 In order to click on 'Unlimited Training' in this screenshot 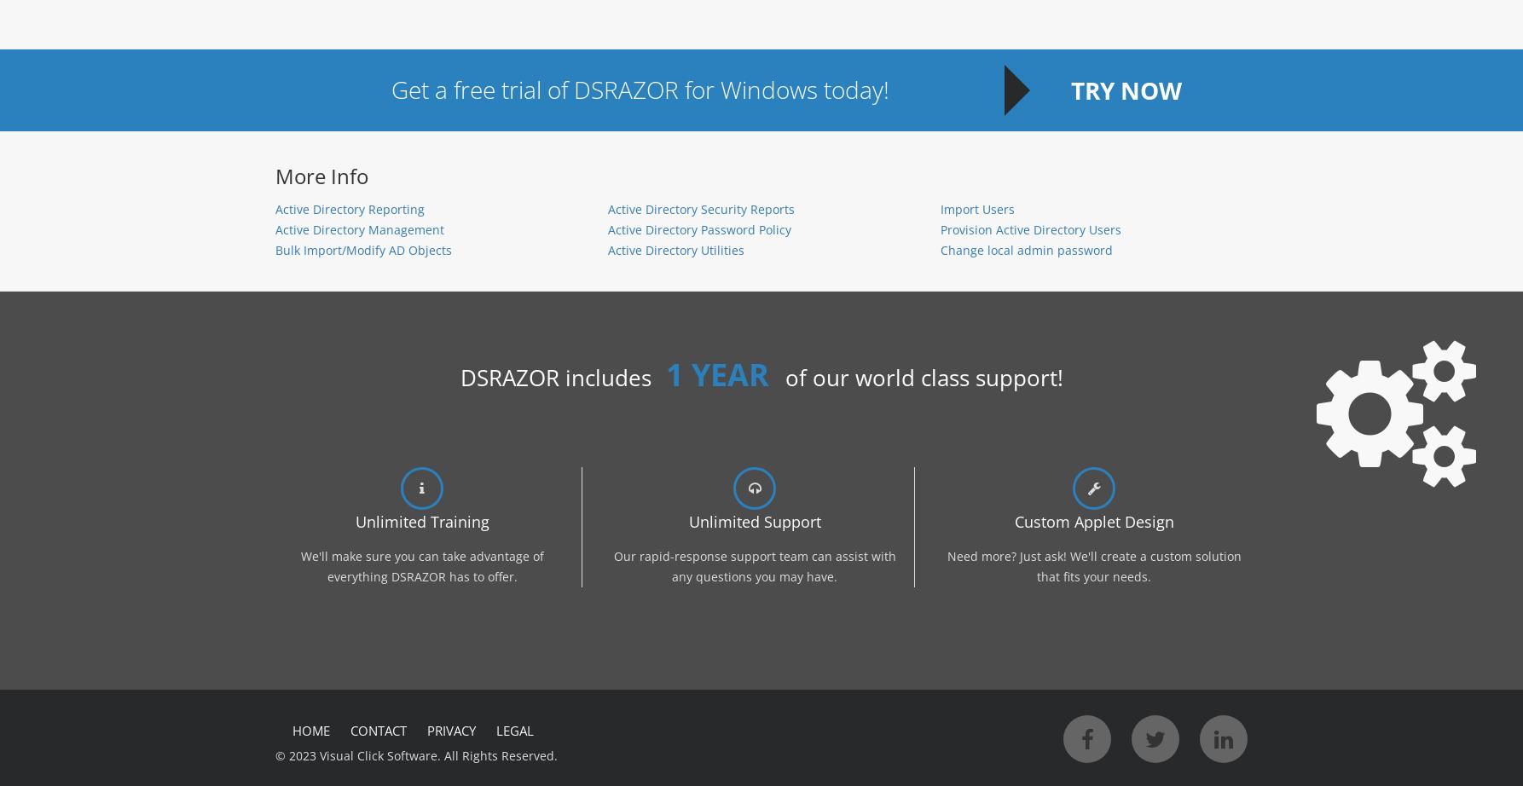, I will do `click(420, 522)`.